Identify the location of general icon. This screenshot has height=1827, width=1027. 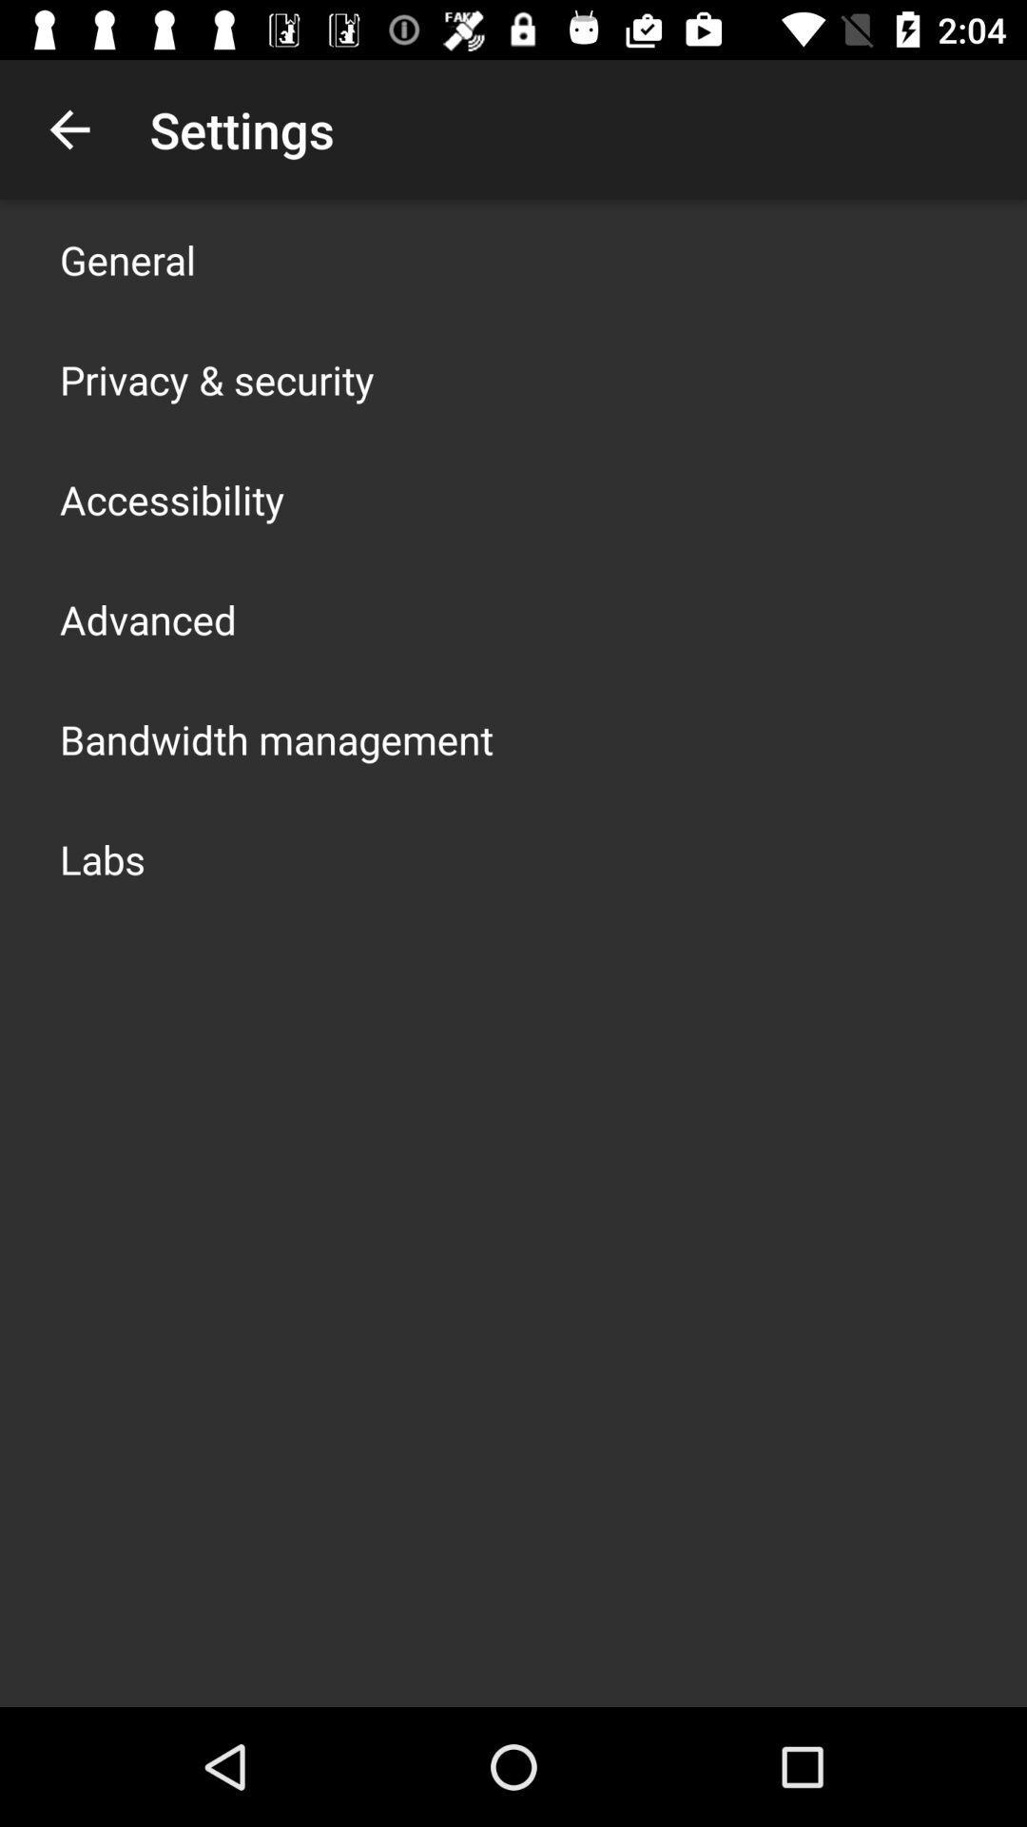
(127, 259).